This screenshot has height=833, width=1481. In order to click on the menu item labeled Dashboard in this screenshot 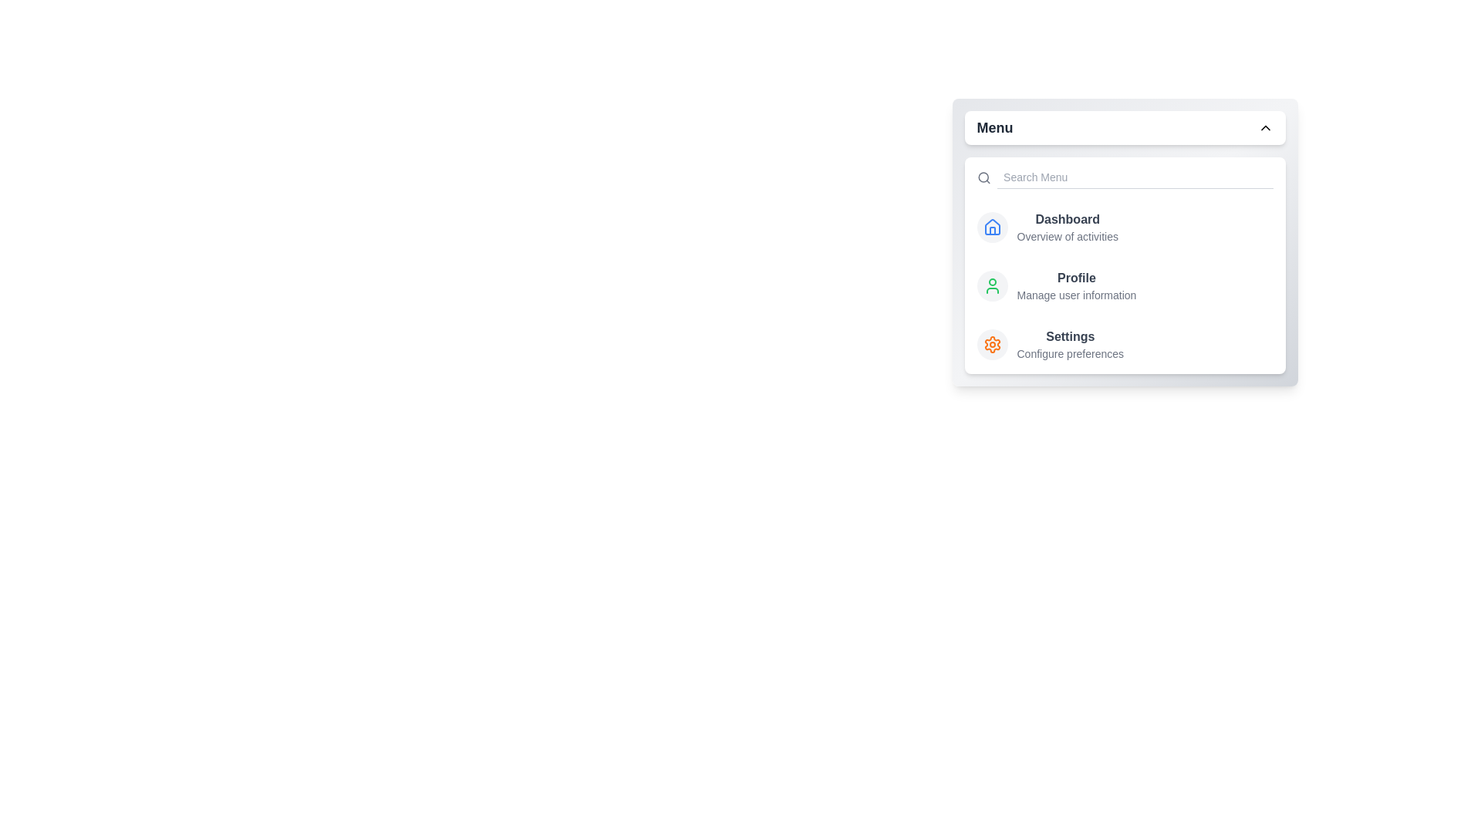, I will do `click(1067, 220)`.